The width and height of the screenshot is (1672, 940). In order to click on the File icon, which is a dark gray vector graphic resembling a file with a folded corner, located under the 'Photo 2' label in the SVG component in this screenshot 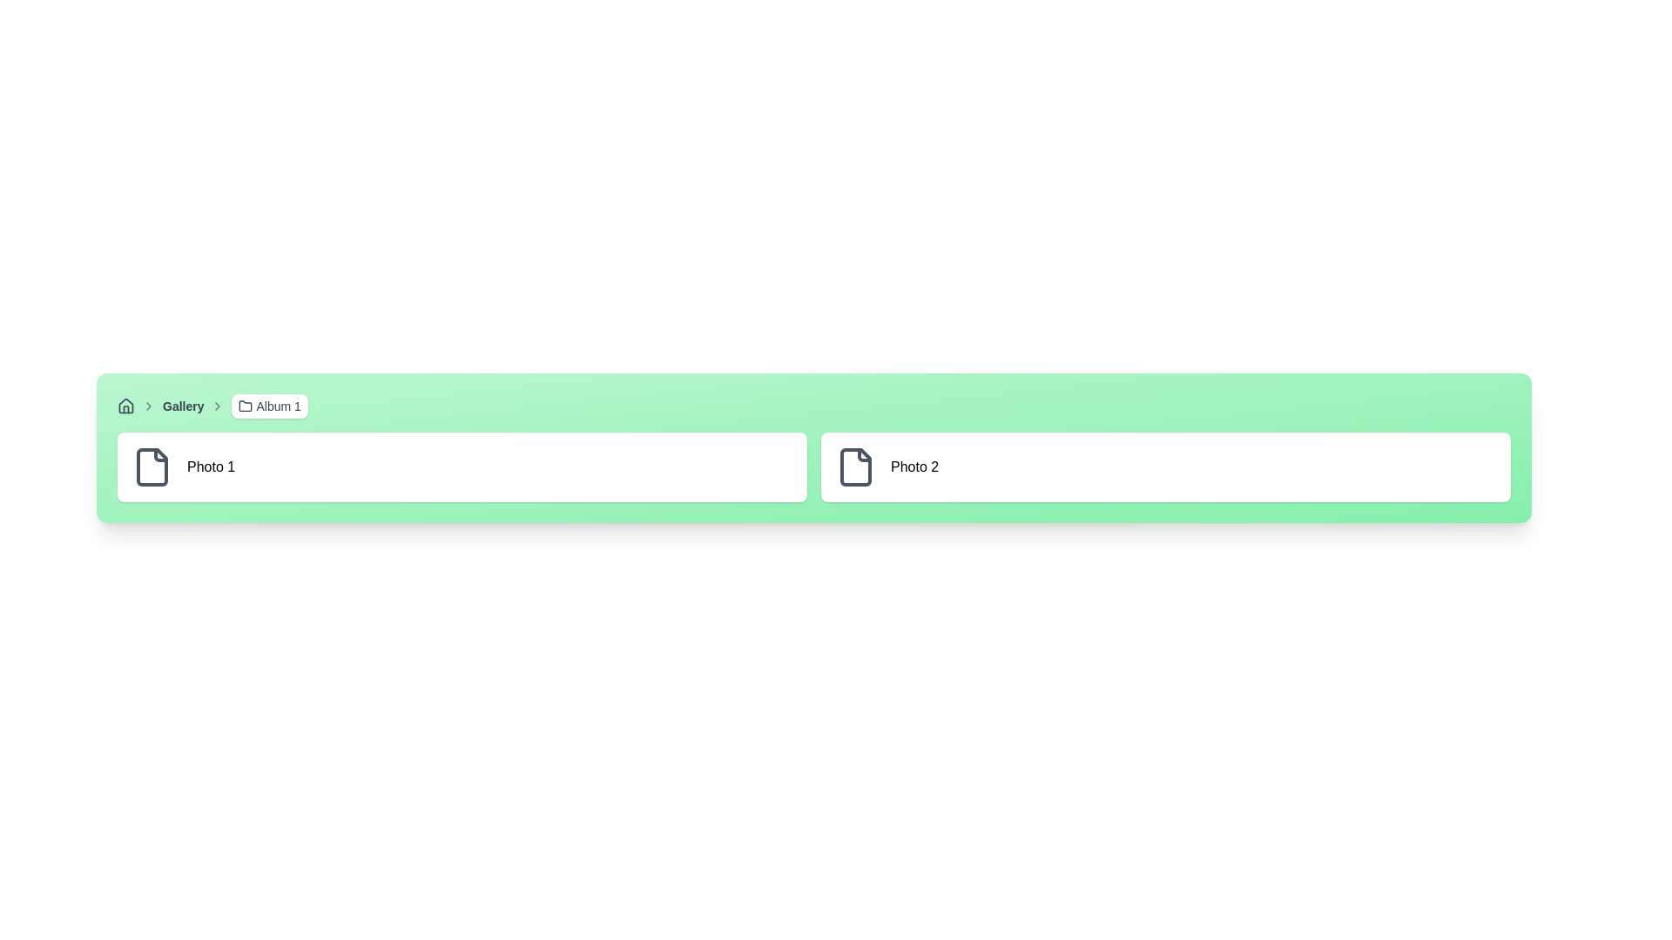, I will do `click(856, 466)`.